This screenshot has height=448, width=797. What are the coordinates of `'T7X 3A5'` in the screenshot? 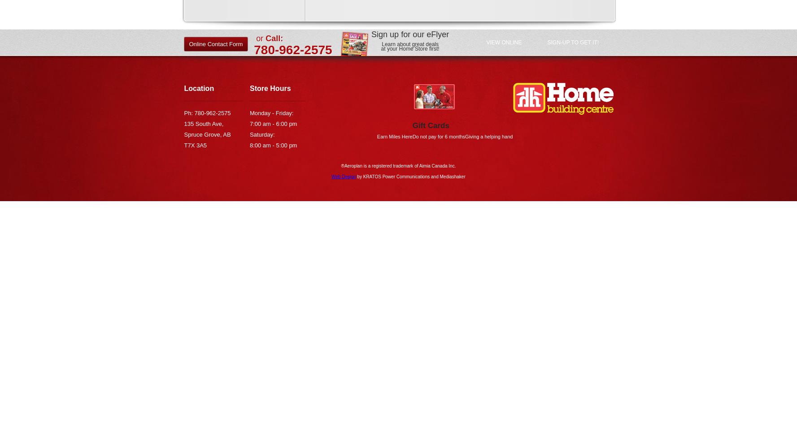 It's located at (195, 144).